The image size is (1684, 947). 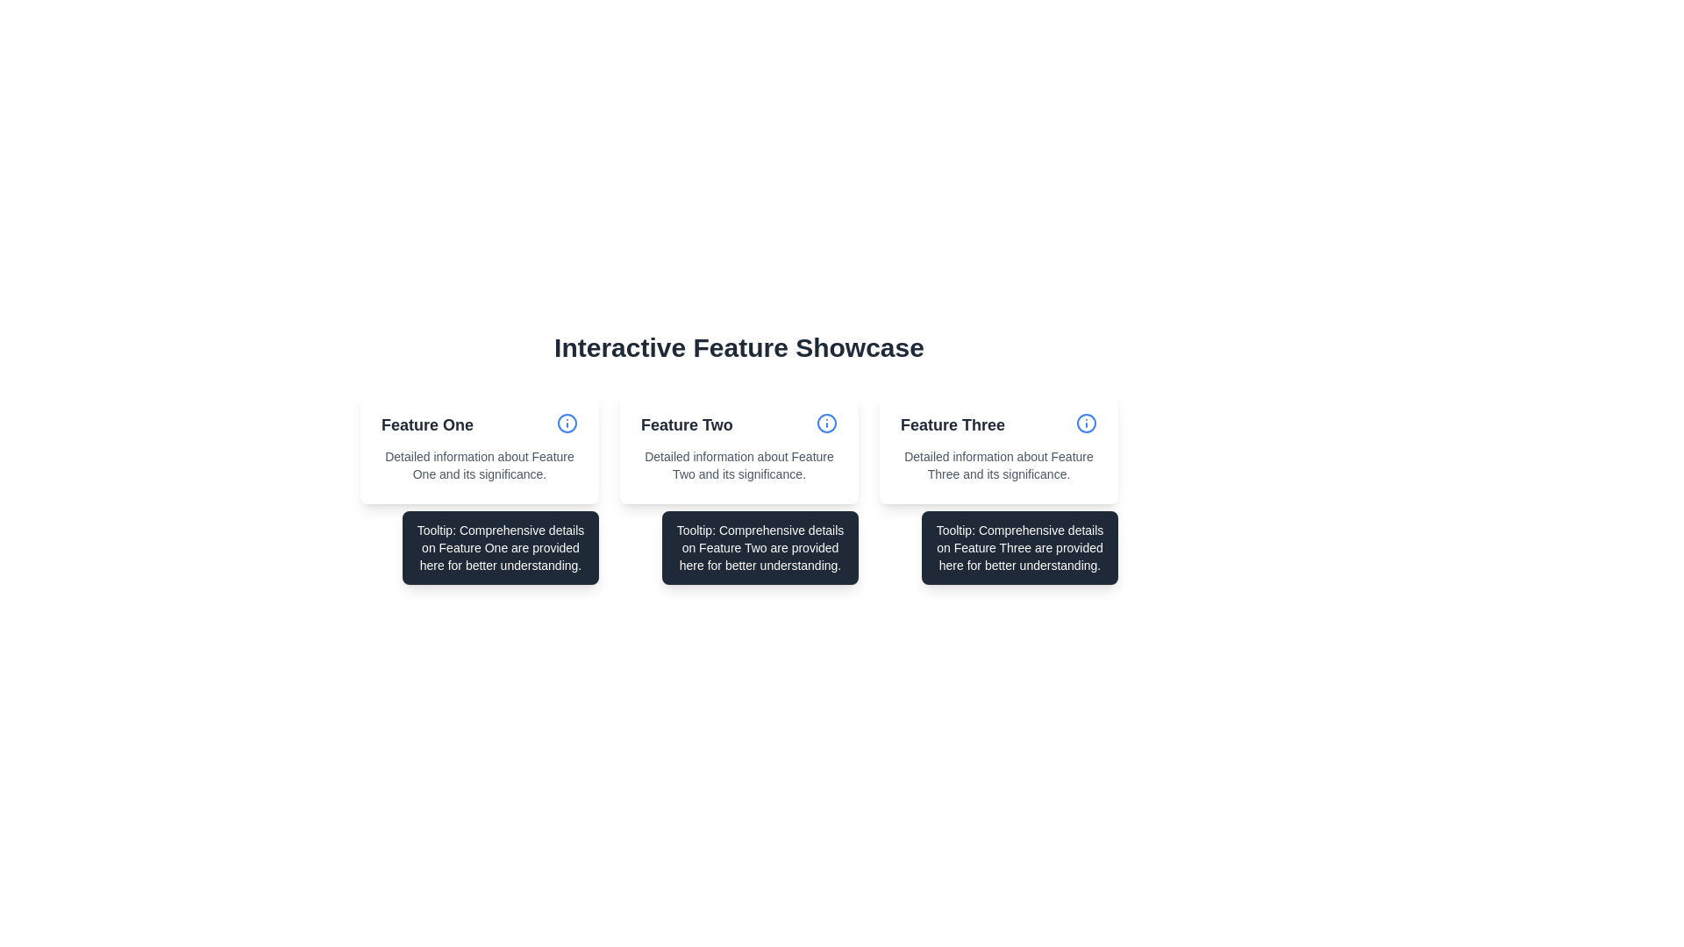 What do you see at coordinates (739, 446) in the screenshot?
I see `the informational card presenting details about 'Feature Two' in the grid of feature cards` at bounding box center [739, 446].